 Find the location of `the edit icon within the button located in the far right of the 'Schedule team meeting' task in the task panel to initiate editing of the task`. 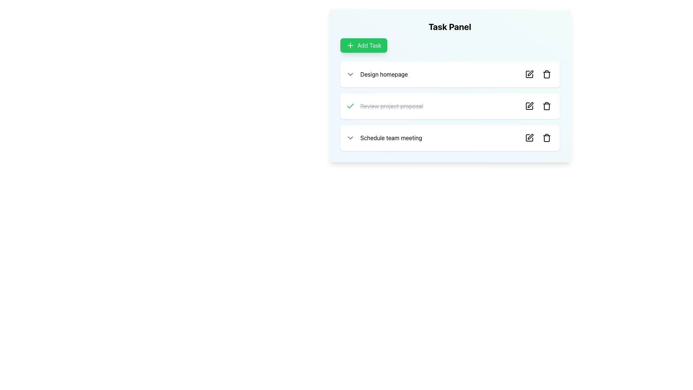

the edit icon within the button located in the far right of the 'Schedule team meeting' task in the task panel to initiate editing of the task is located at coordinates (530, 136).